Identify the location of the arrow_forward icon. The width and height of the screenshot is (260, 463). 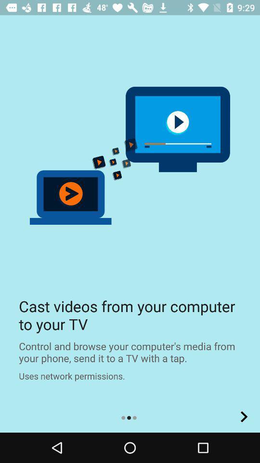
(244, 416).